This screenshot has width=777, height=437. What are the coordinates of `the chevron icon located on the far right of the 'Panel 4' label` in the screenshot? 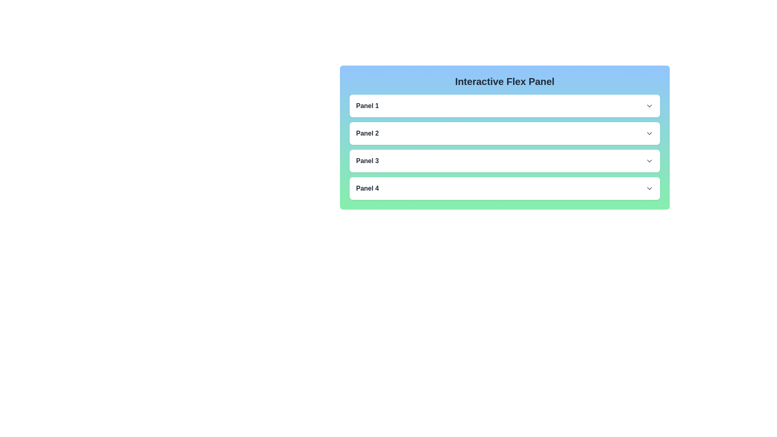 It's located at (649, 189).